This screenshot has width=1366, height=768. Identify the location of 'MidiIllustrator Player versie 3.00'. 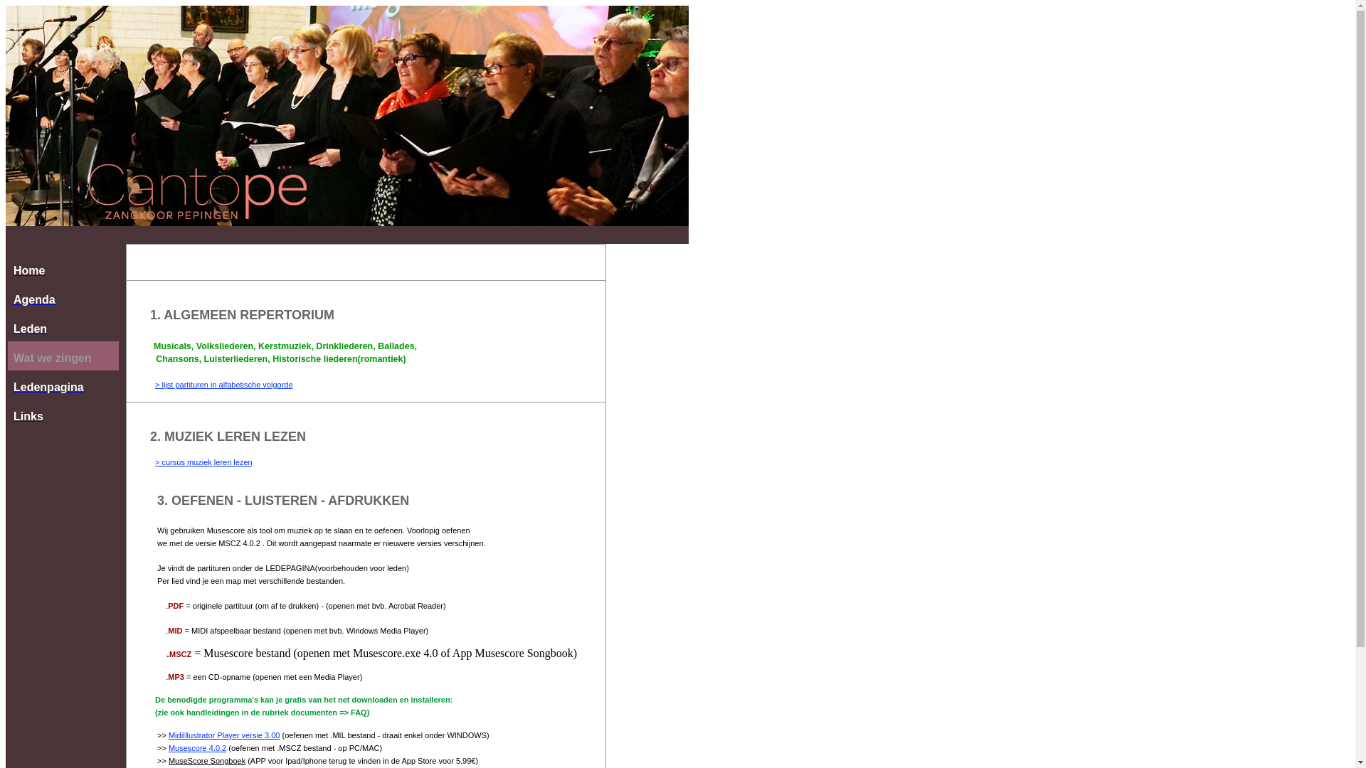
(223, 735).